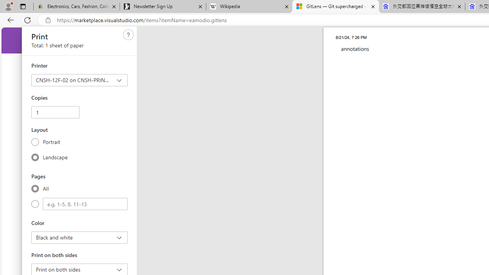 The height and width of the screenshot is (275, 489). What do you see at coordinates (128, 35) in the screenshot?
I see `'Class: c0129'` at bounding box center [128, 35].